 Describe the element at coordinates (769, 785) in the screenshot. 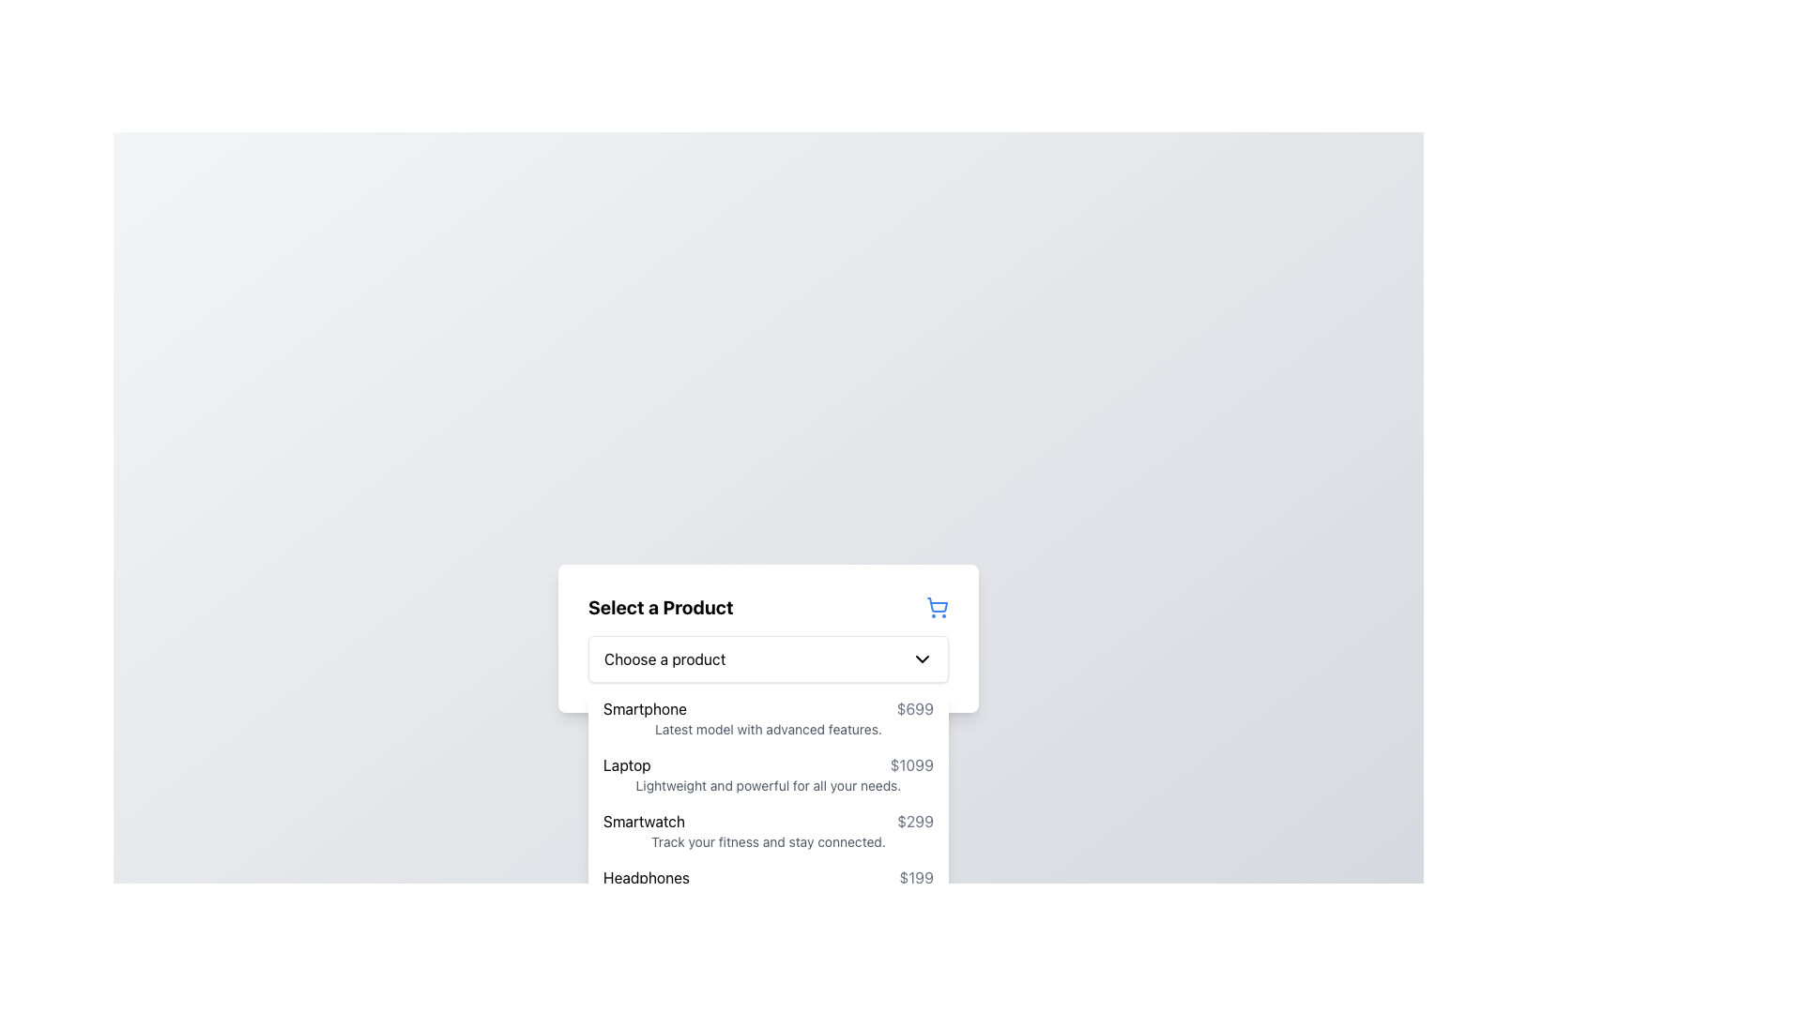

I see `the Text Label that reads 'Lightweight and powerful for all your needs.' positioned below 'Laptop $1099' in the dropdown menu` at that location.